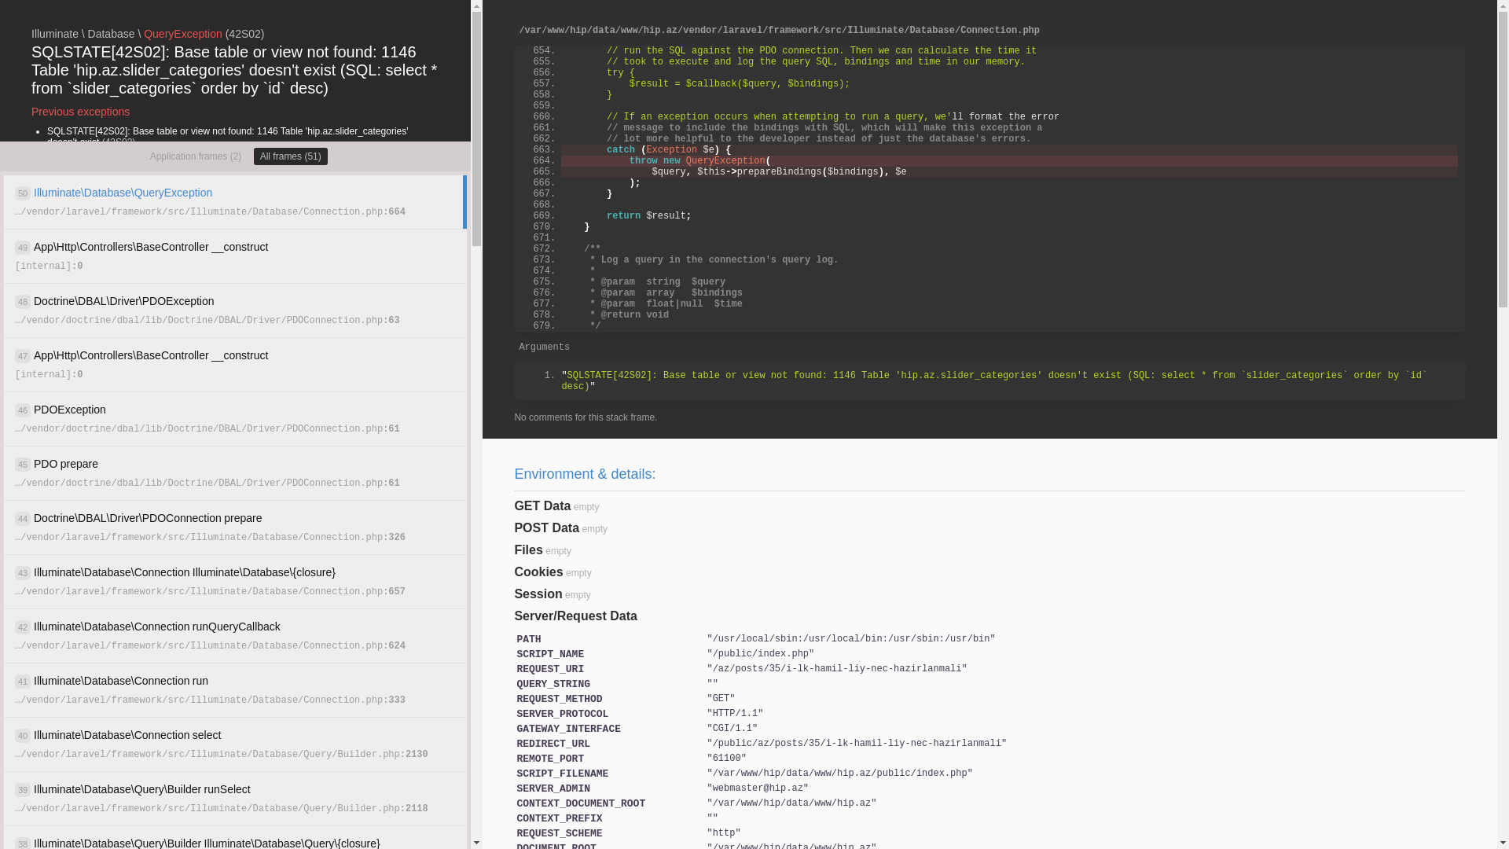 The image size is (1509, 849). Describe the element at coordinates (253, 156) in the screenshot. I see `'All frames (51)'` at that location.